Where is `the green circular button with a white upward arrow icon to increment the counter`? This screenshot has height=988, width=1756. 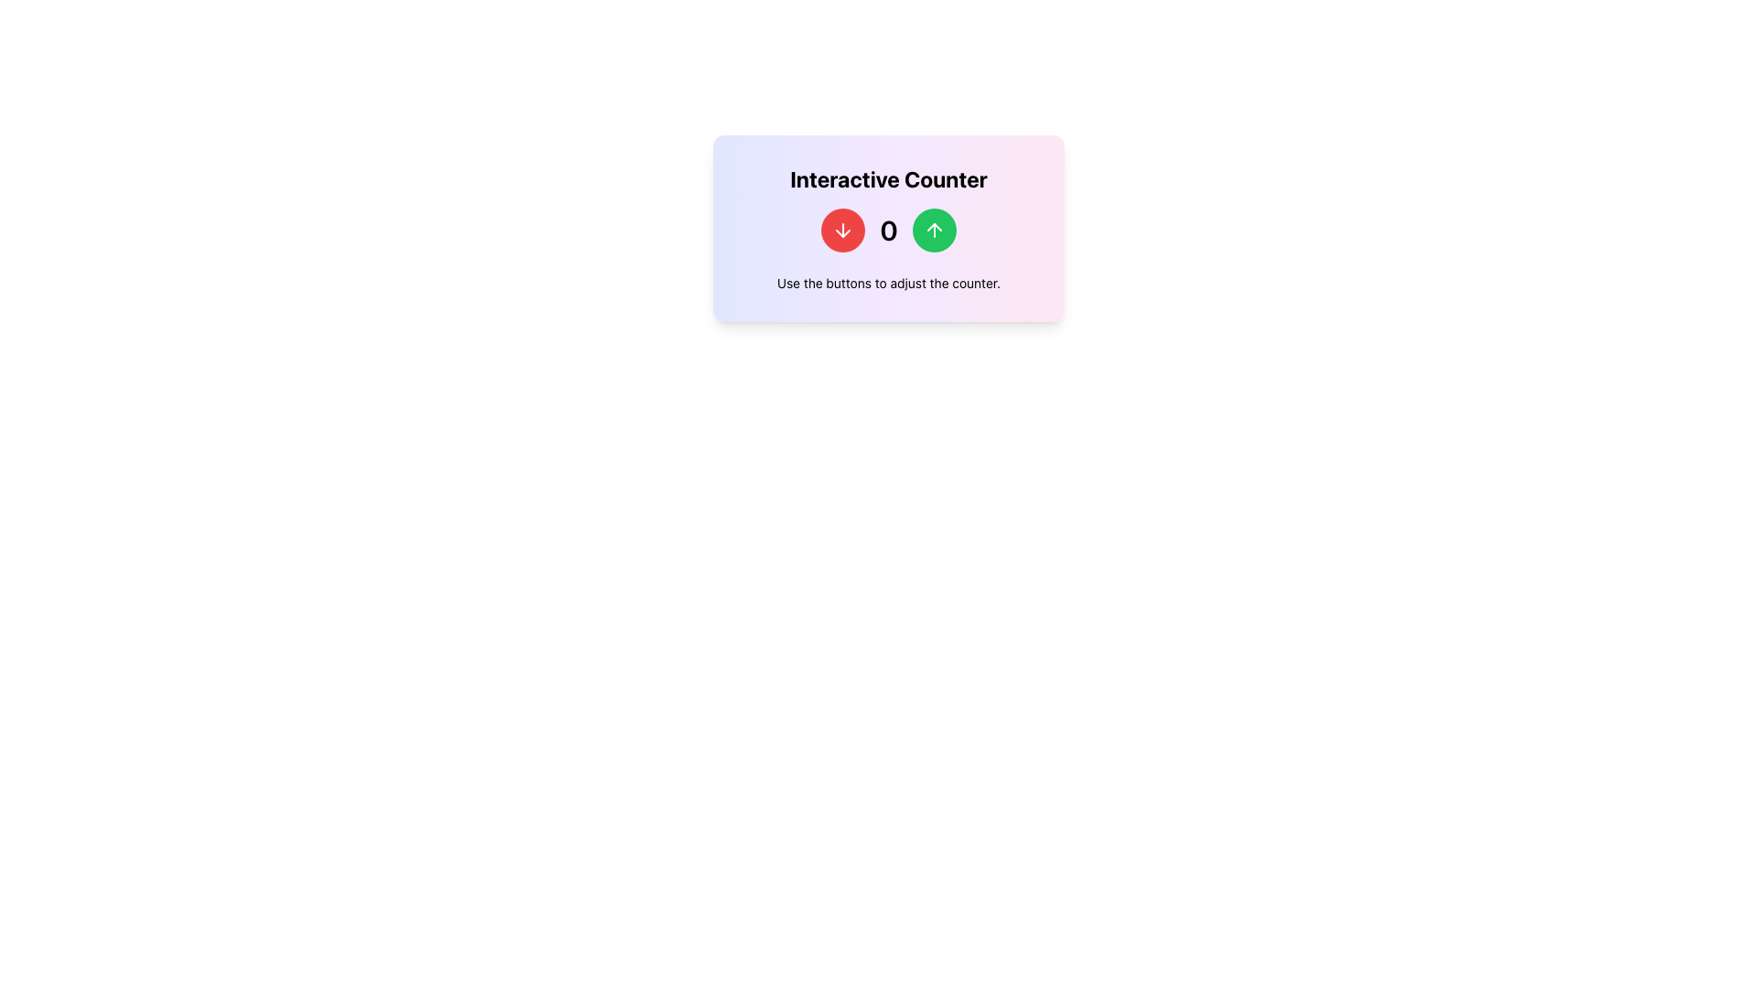 the green circular button with a white upward arrow icon to increment the counter is located at coordinates (934, 229).